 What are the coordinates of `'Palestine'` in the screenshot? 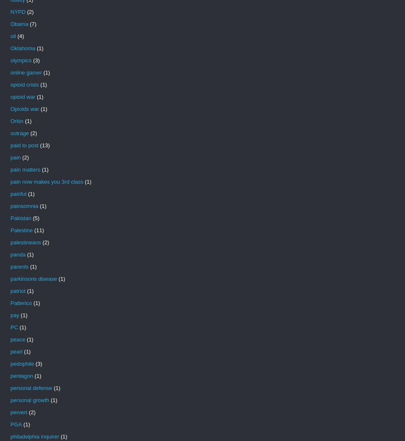 It's located at (10, 230).